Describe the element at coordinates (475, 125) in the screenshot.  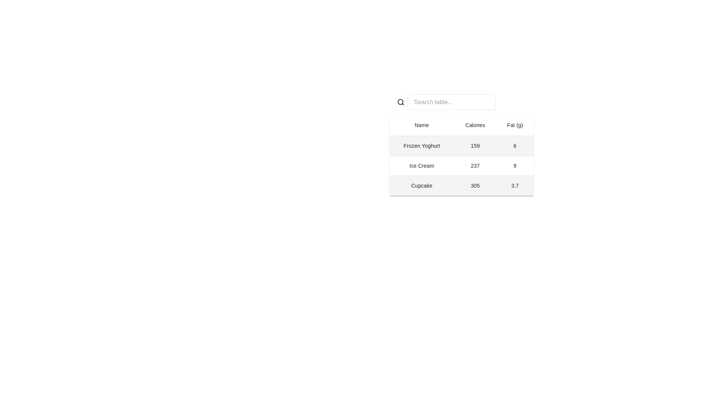
I see `the 'Calories' table header cell to sort the column data` at that location.